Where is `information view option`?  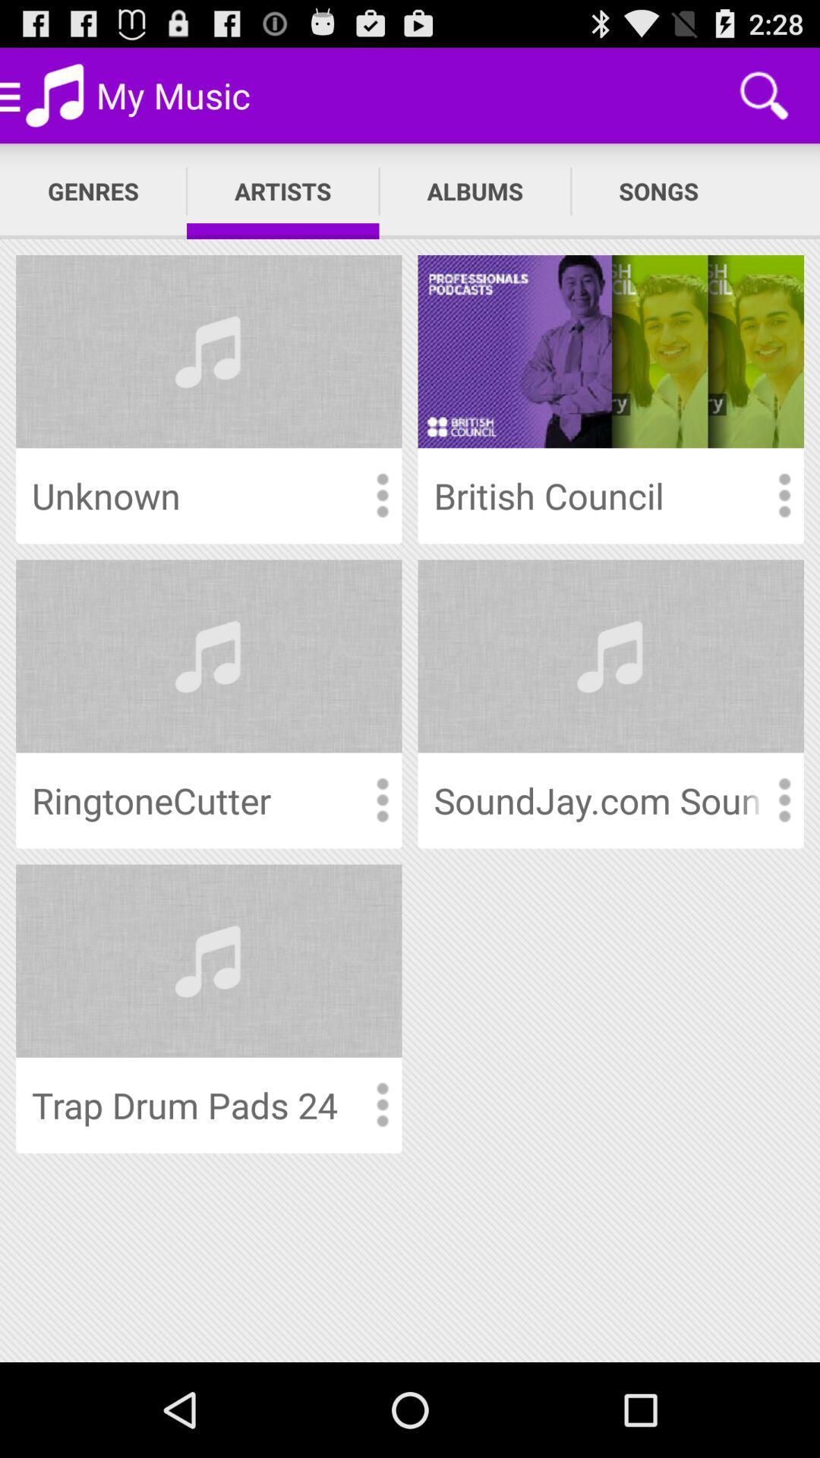
information view option is located at coordinates (381, 496).